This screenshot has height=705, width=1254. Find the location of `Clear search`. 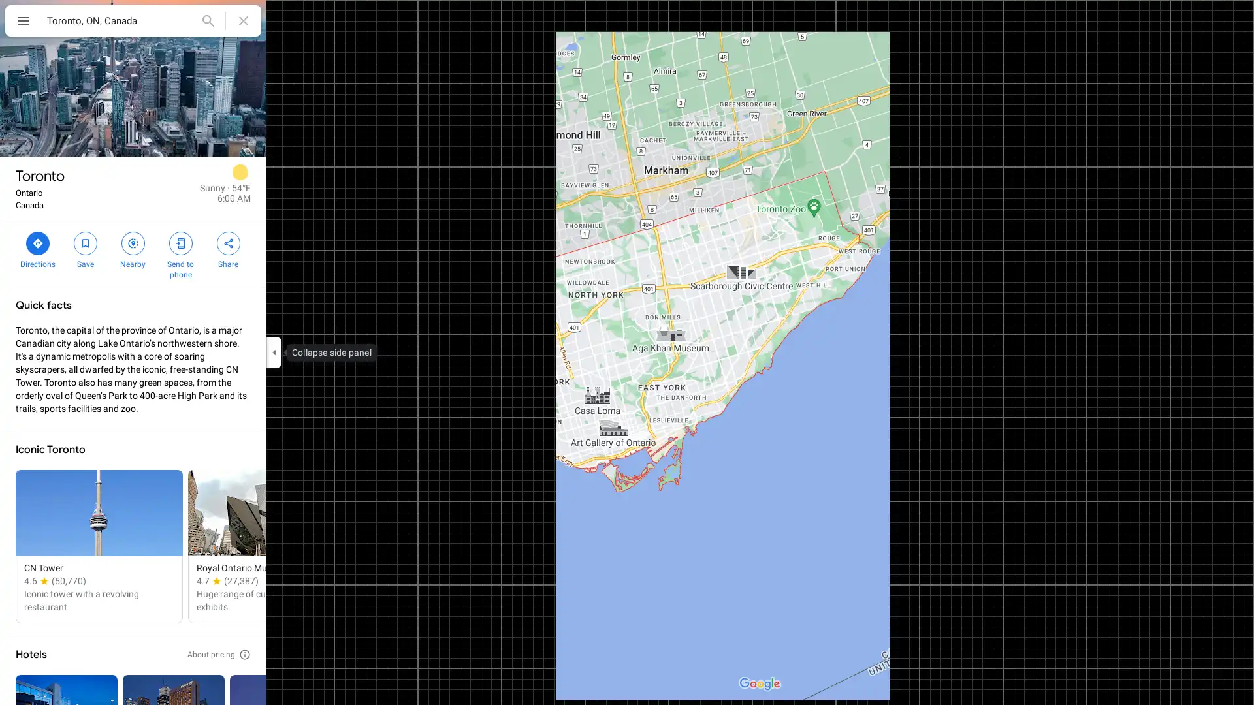

Clear search is located at coordinates (244, 20).